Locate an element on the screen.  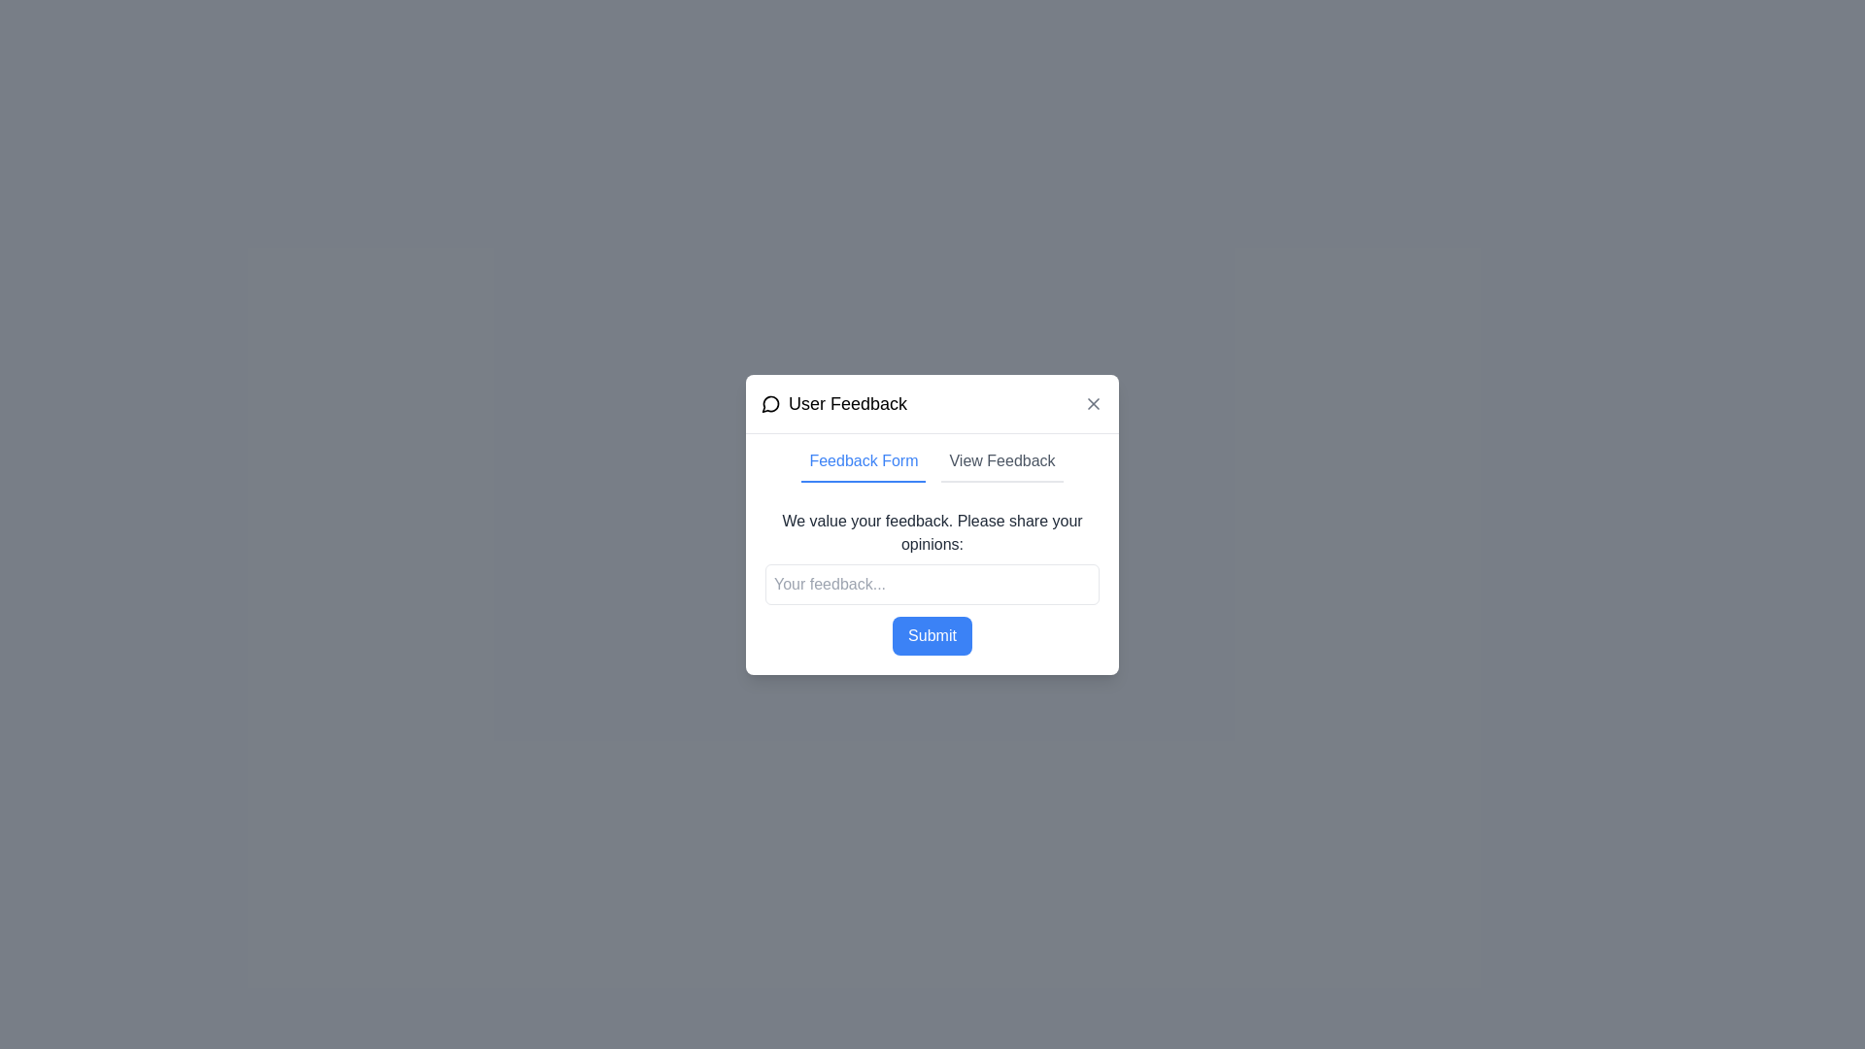
the Tab switch button in the header section of the 'User Feedback' modal is located at coordinates (1002, 461).